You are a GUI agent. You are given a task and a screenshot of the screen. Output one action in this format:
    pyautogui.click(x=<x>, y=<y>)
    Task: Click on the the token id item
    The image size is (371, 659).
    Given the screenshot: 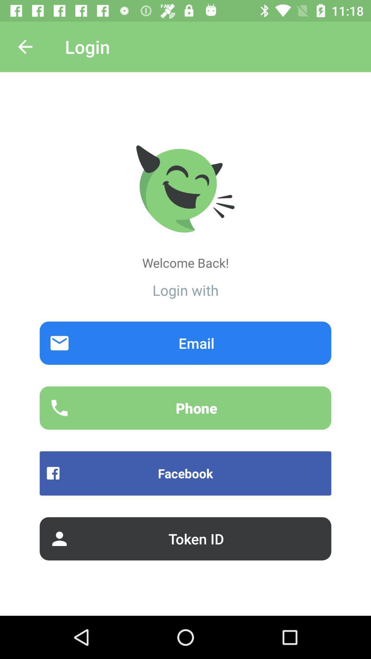 What is the action you would take?
    pyautogui.click(x=185, y=538)
    